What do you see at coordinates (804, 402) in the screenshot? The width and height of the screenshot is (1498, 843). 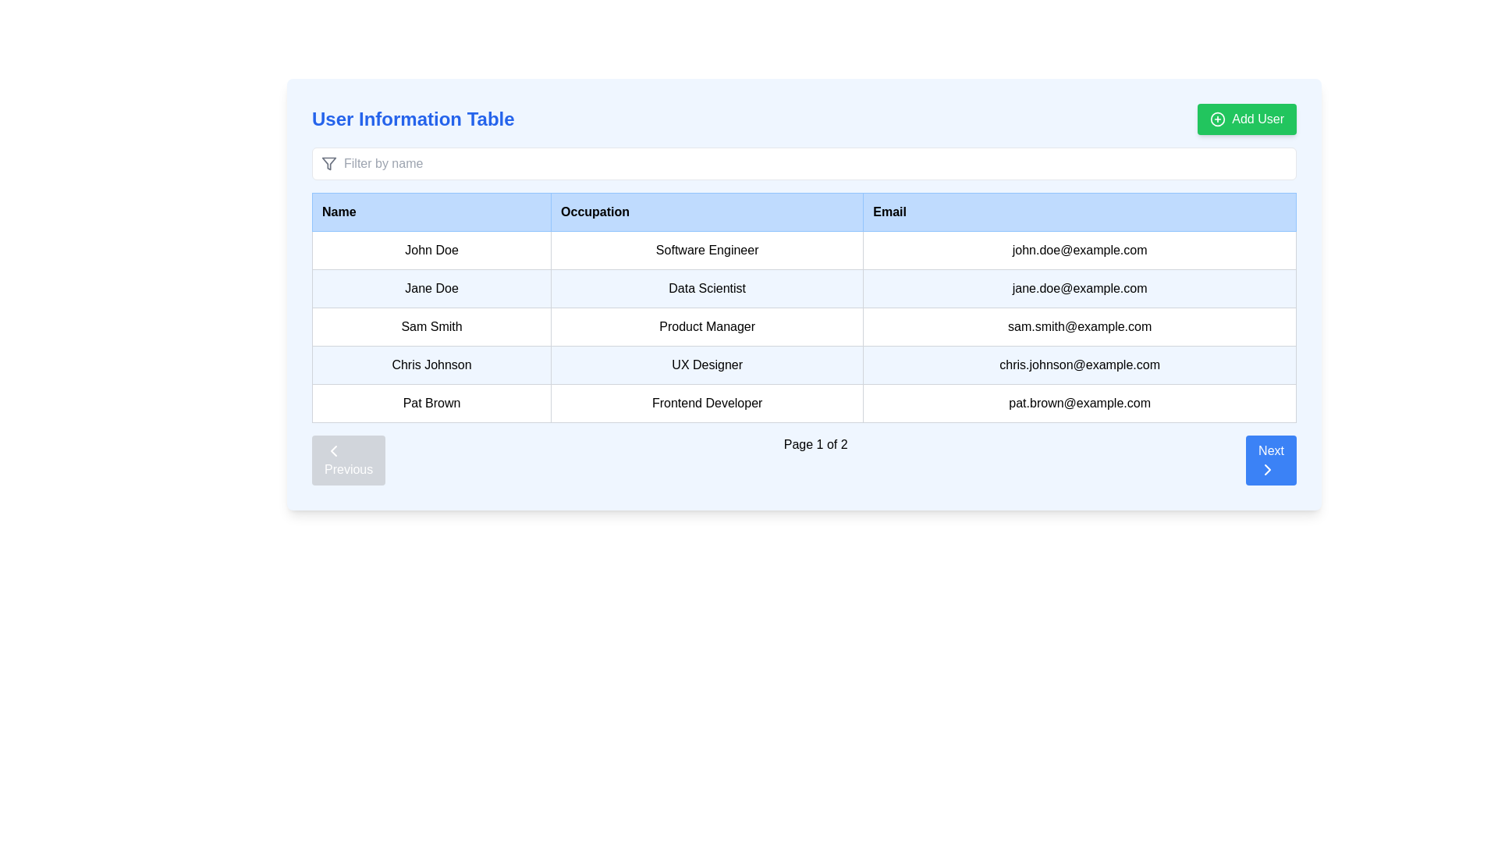 I see `the last row in the table that displays user information, specifically the fifth row overall` at bounding box center [804, 402].